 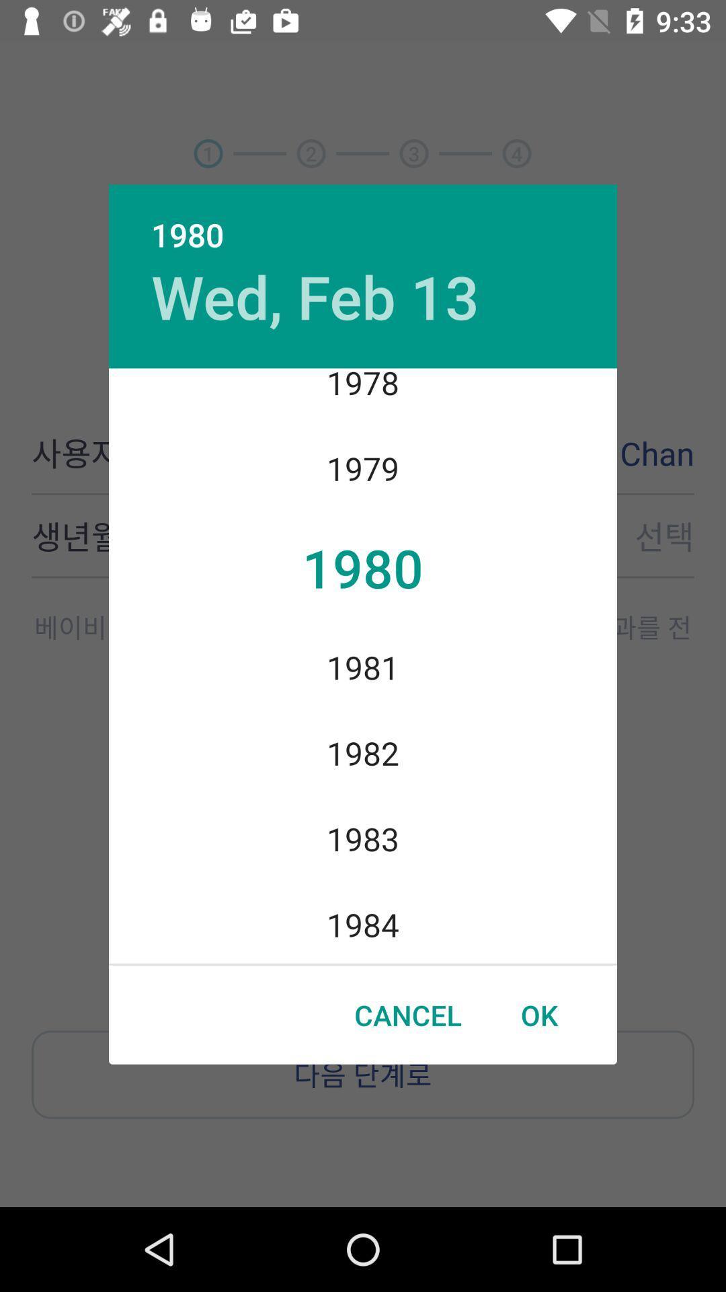 I want to click on the icon next to the cancel item, so click(x=538, y=1015).